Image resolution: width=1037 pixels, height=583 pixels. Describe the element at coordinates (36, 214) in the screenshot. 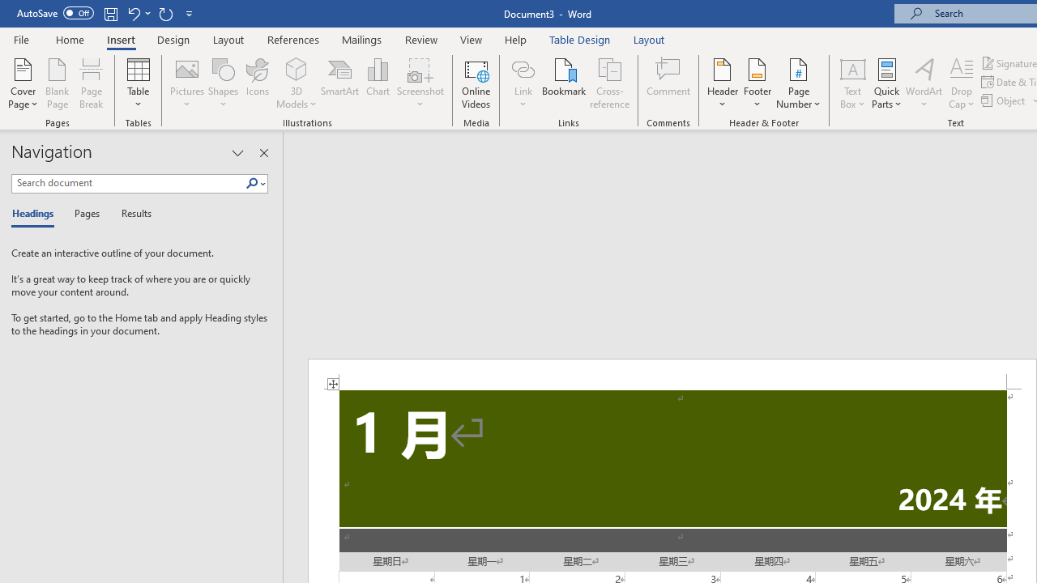

I see `'Headings'` at that location.